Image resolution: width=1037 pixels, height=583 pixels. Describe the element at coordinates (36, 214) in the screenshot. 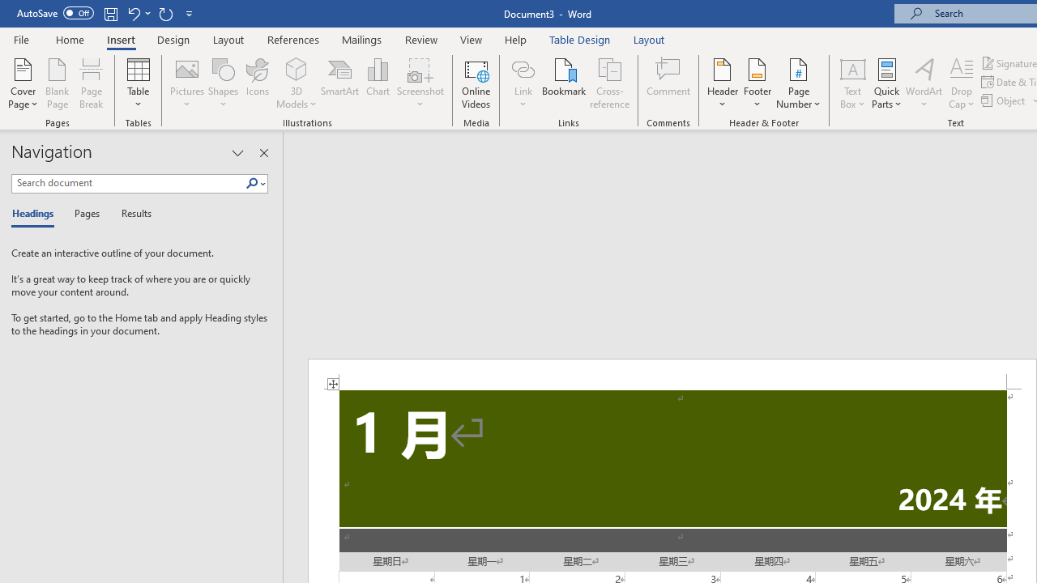

I see `'Headings'` at that location.